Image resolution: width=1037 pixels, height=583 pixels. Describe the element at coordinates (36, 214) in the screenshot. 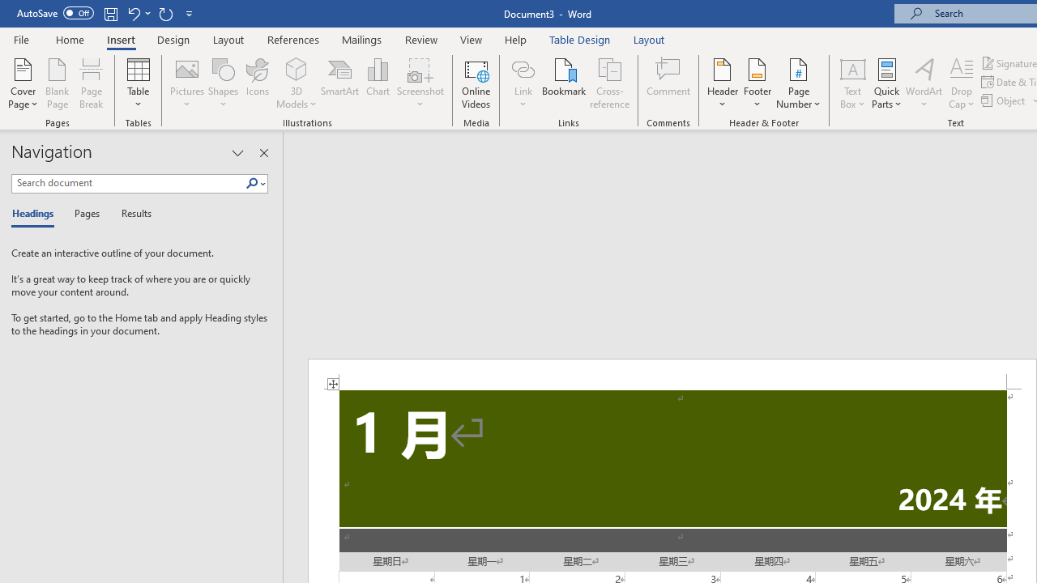

I see `'Headings'` at that location.